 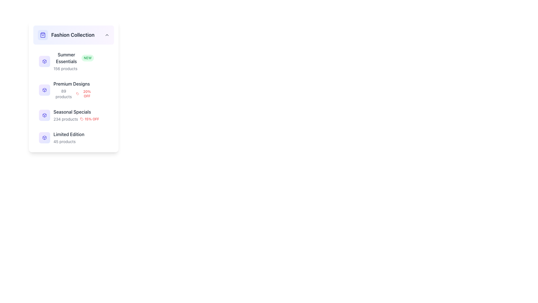 What do you see at coordinates (90, 119) in the screenshot?
I see `the label with the text '15% OFF' and the accompanying red tag icon, which is located within the 'Seasonal Specials' section` at bounding box center [90, 119].